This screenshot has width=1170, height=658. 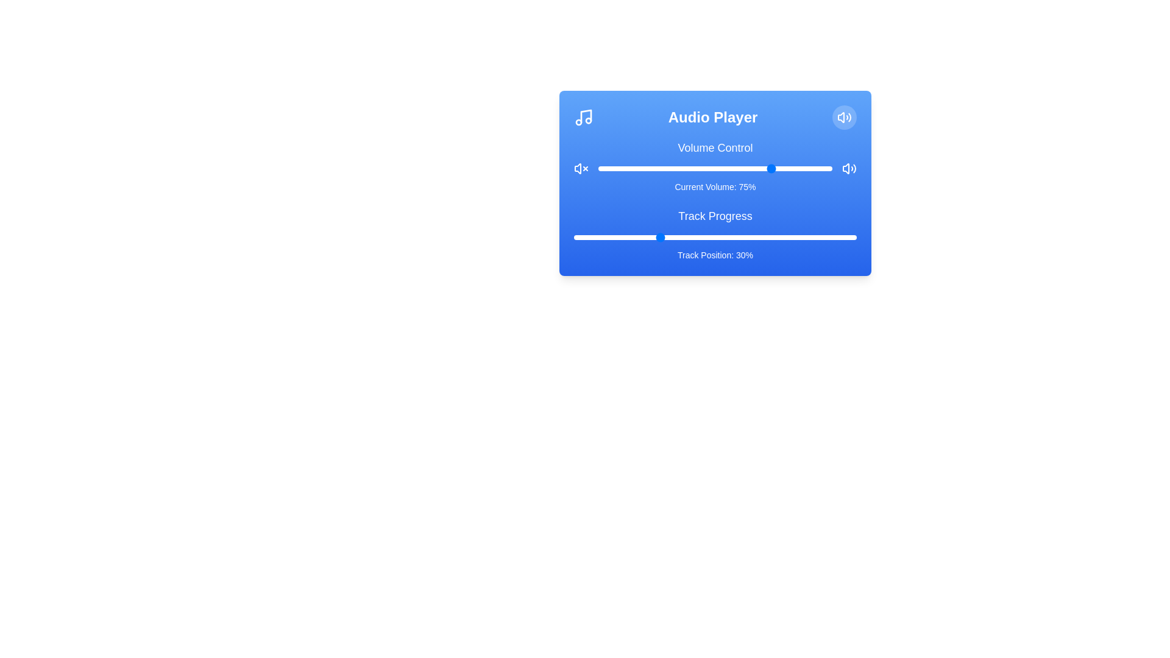 What do you see at coordinates (720, 166) in the screenshot?
I see `volume` at bounding box center [720, 166].